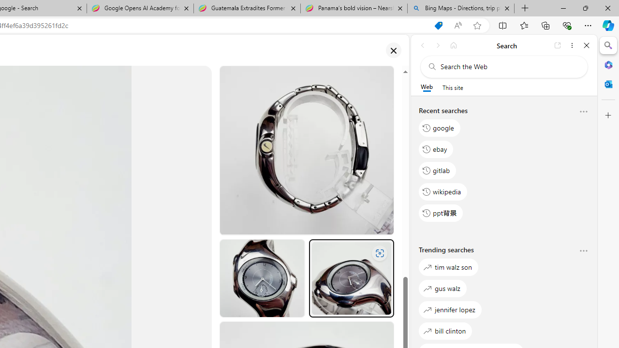 Image resolution: width=619 pixels, height=348 pixels. I want to click on 'gitlab', so click(437, 170).